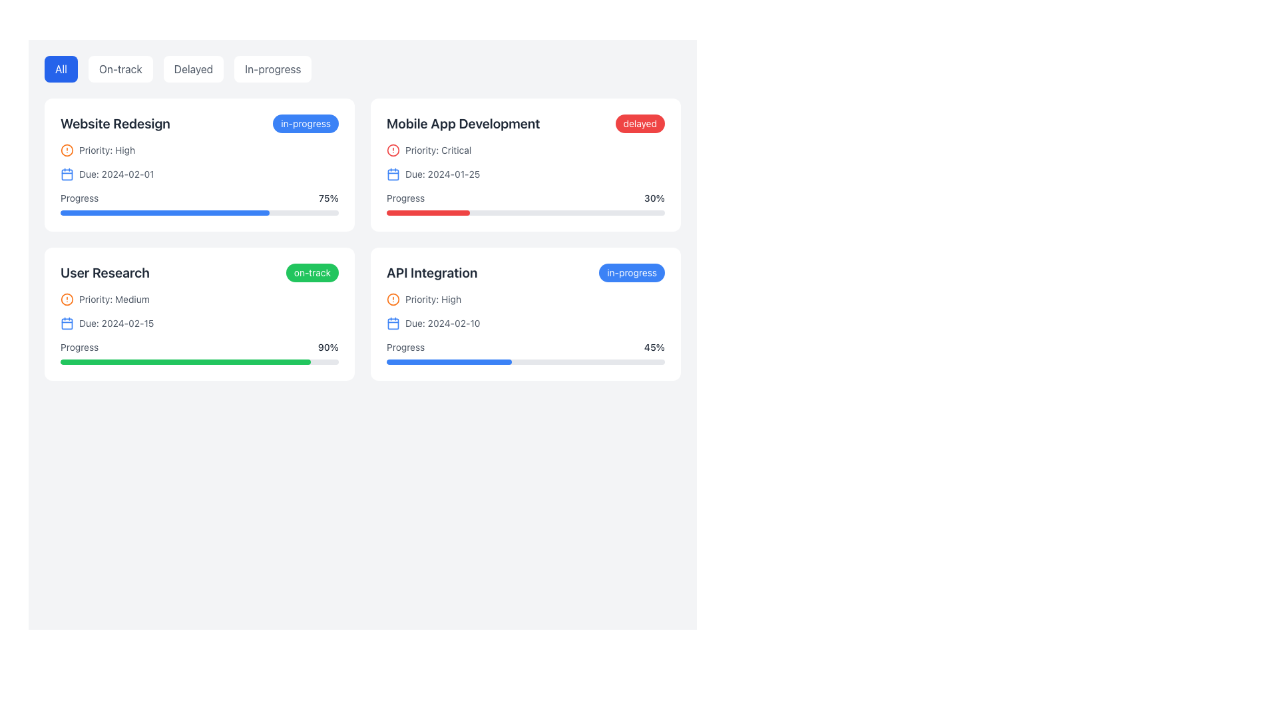 This screenshot has height=719, width=1278. What do you see at coordinates (392, 300) in the screenshot?
I see `the orange circular icon with an exclamation mark in the center, which indicates a warning or alert, located in the 'Priority: High' label of the 'API Integration' card` at bounding box center [392, 300].